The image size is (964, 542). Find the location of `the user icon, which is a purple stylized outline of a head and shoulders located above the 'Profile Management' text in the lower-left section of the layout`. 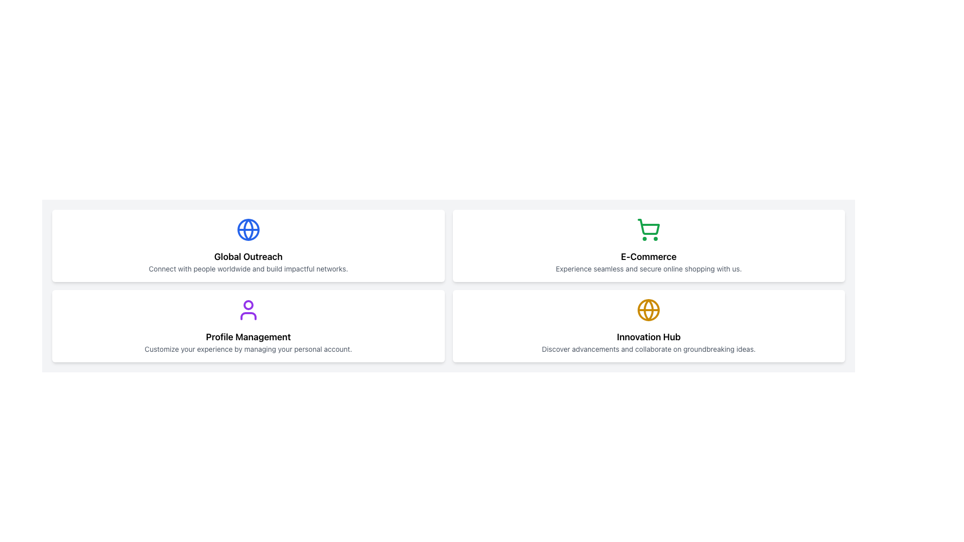

the user icon, which is a purple stylized outline of a head and shoulders located above the 'Profile Management' text in the lower-left section of the layout is located at coordinates (248, 309).